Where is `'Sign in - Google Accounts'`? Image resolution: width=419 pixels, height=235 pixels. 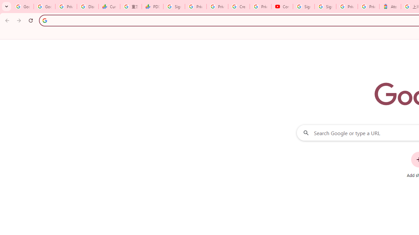
'Sign in - Google Accounts' is located at coordinates (325, 7).